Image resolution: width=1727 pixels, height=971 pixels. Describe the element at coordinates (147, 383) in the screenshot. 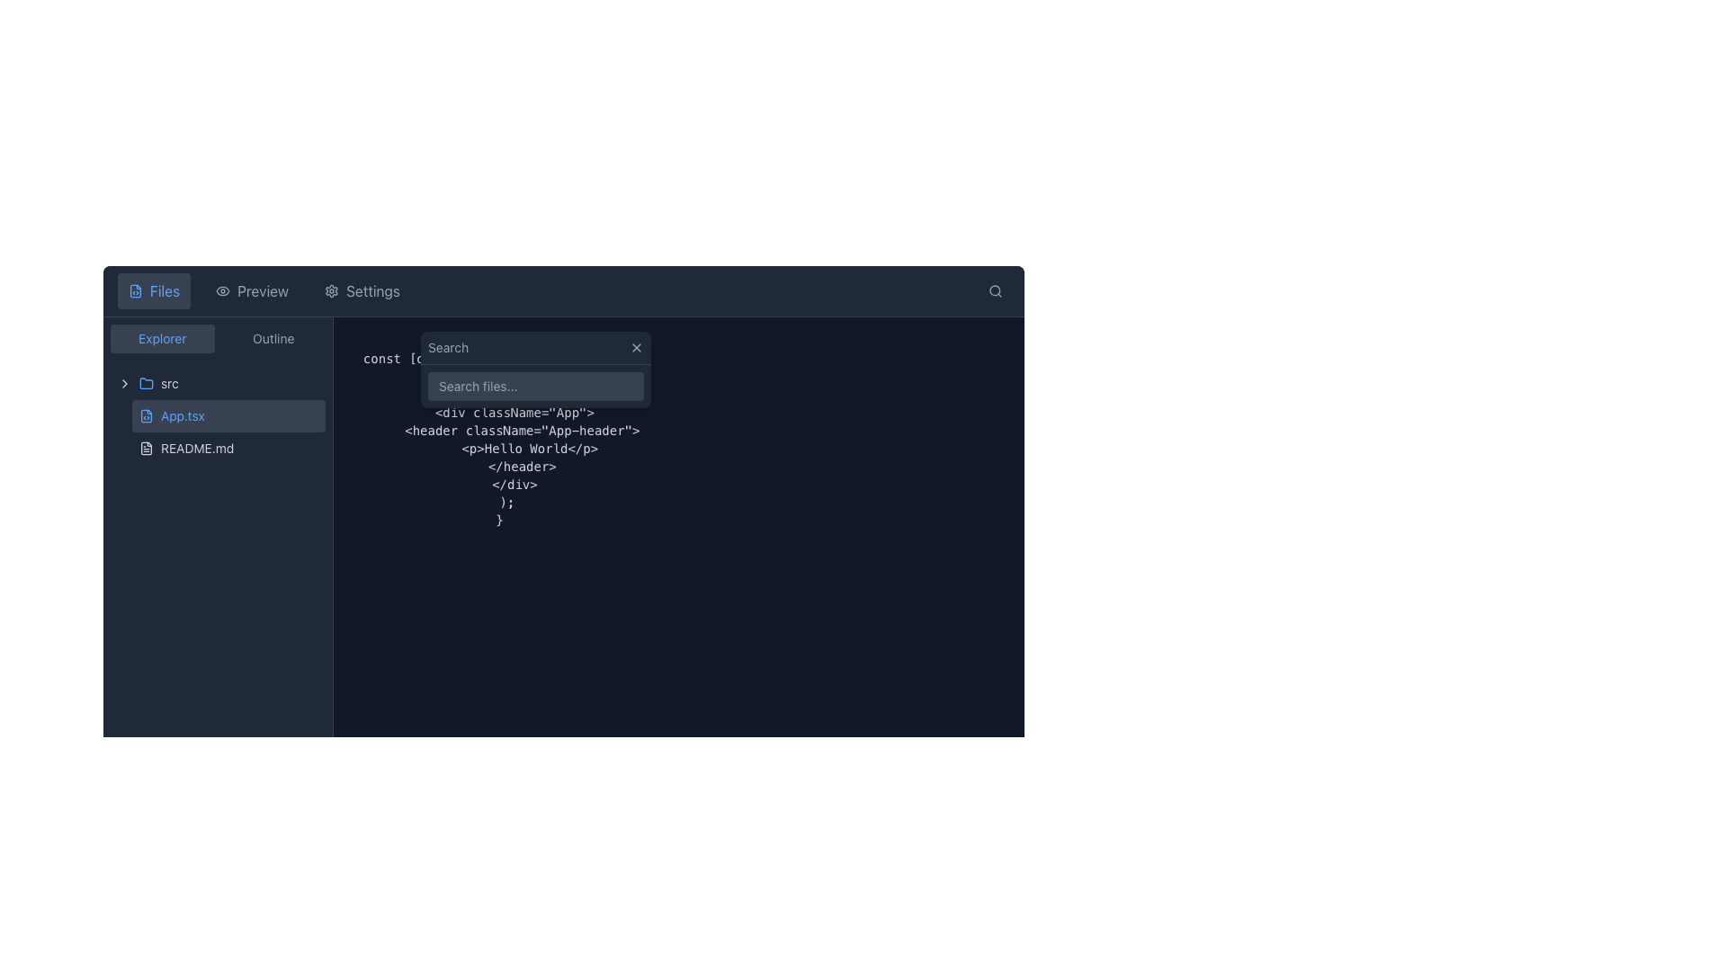

I see `the folder icon styled with sharp edges and filled with blue color, located in the sidebar next to the 'src' label and the right-facing chevron icon` at that location.